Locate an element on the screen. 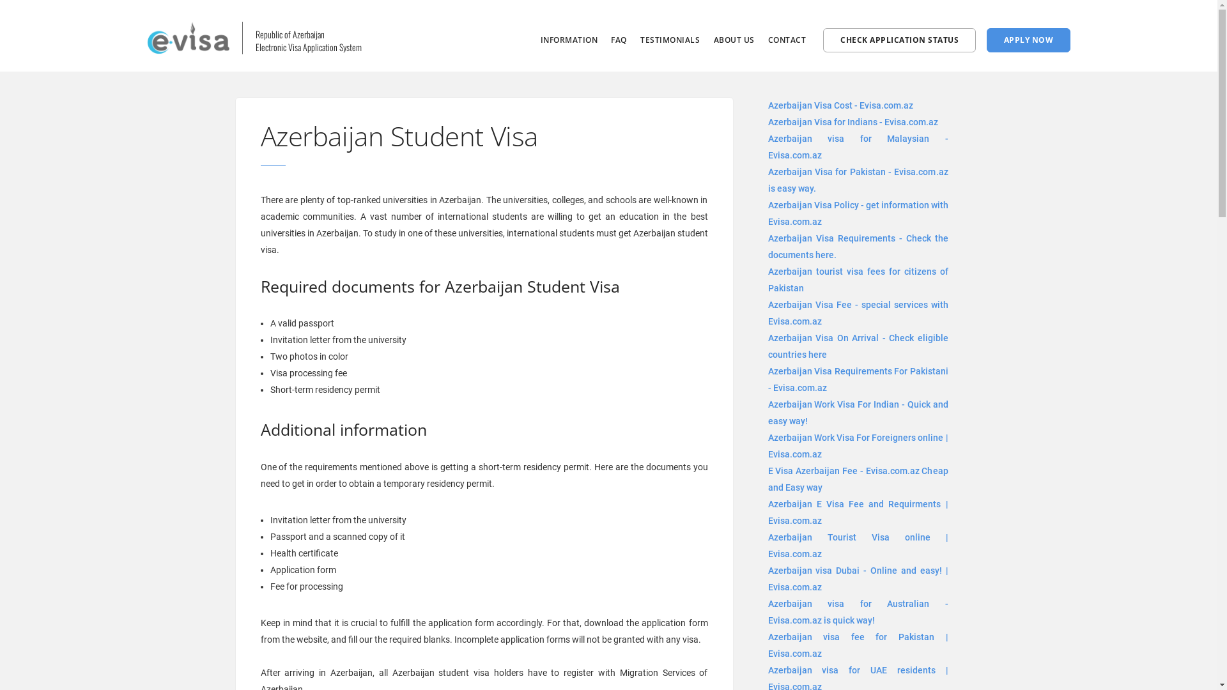 The width and height of the screenshot is (1227, 690). 'Azerbaijan Visa Policy - get information with Evisa.com.az' is located at coordinates (858, 213).